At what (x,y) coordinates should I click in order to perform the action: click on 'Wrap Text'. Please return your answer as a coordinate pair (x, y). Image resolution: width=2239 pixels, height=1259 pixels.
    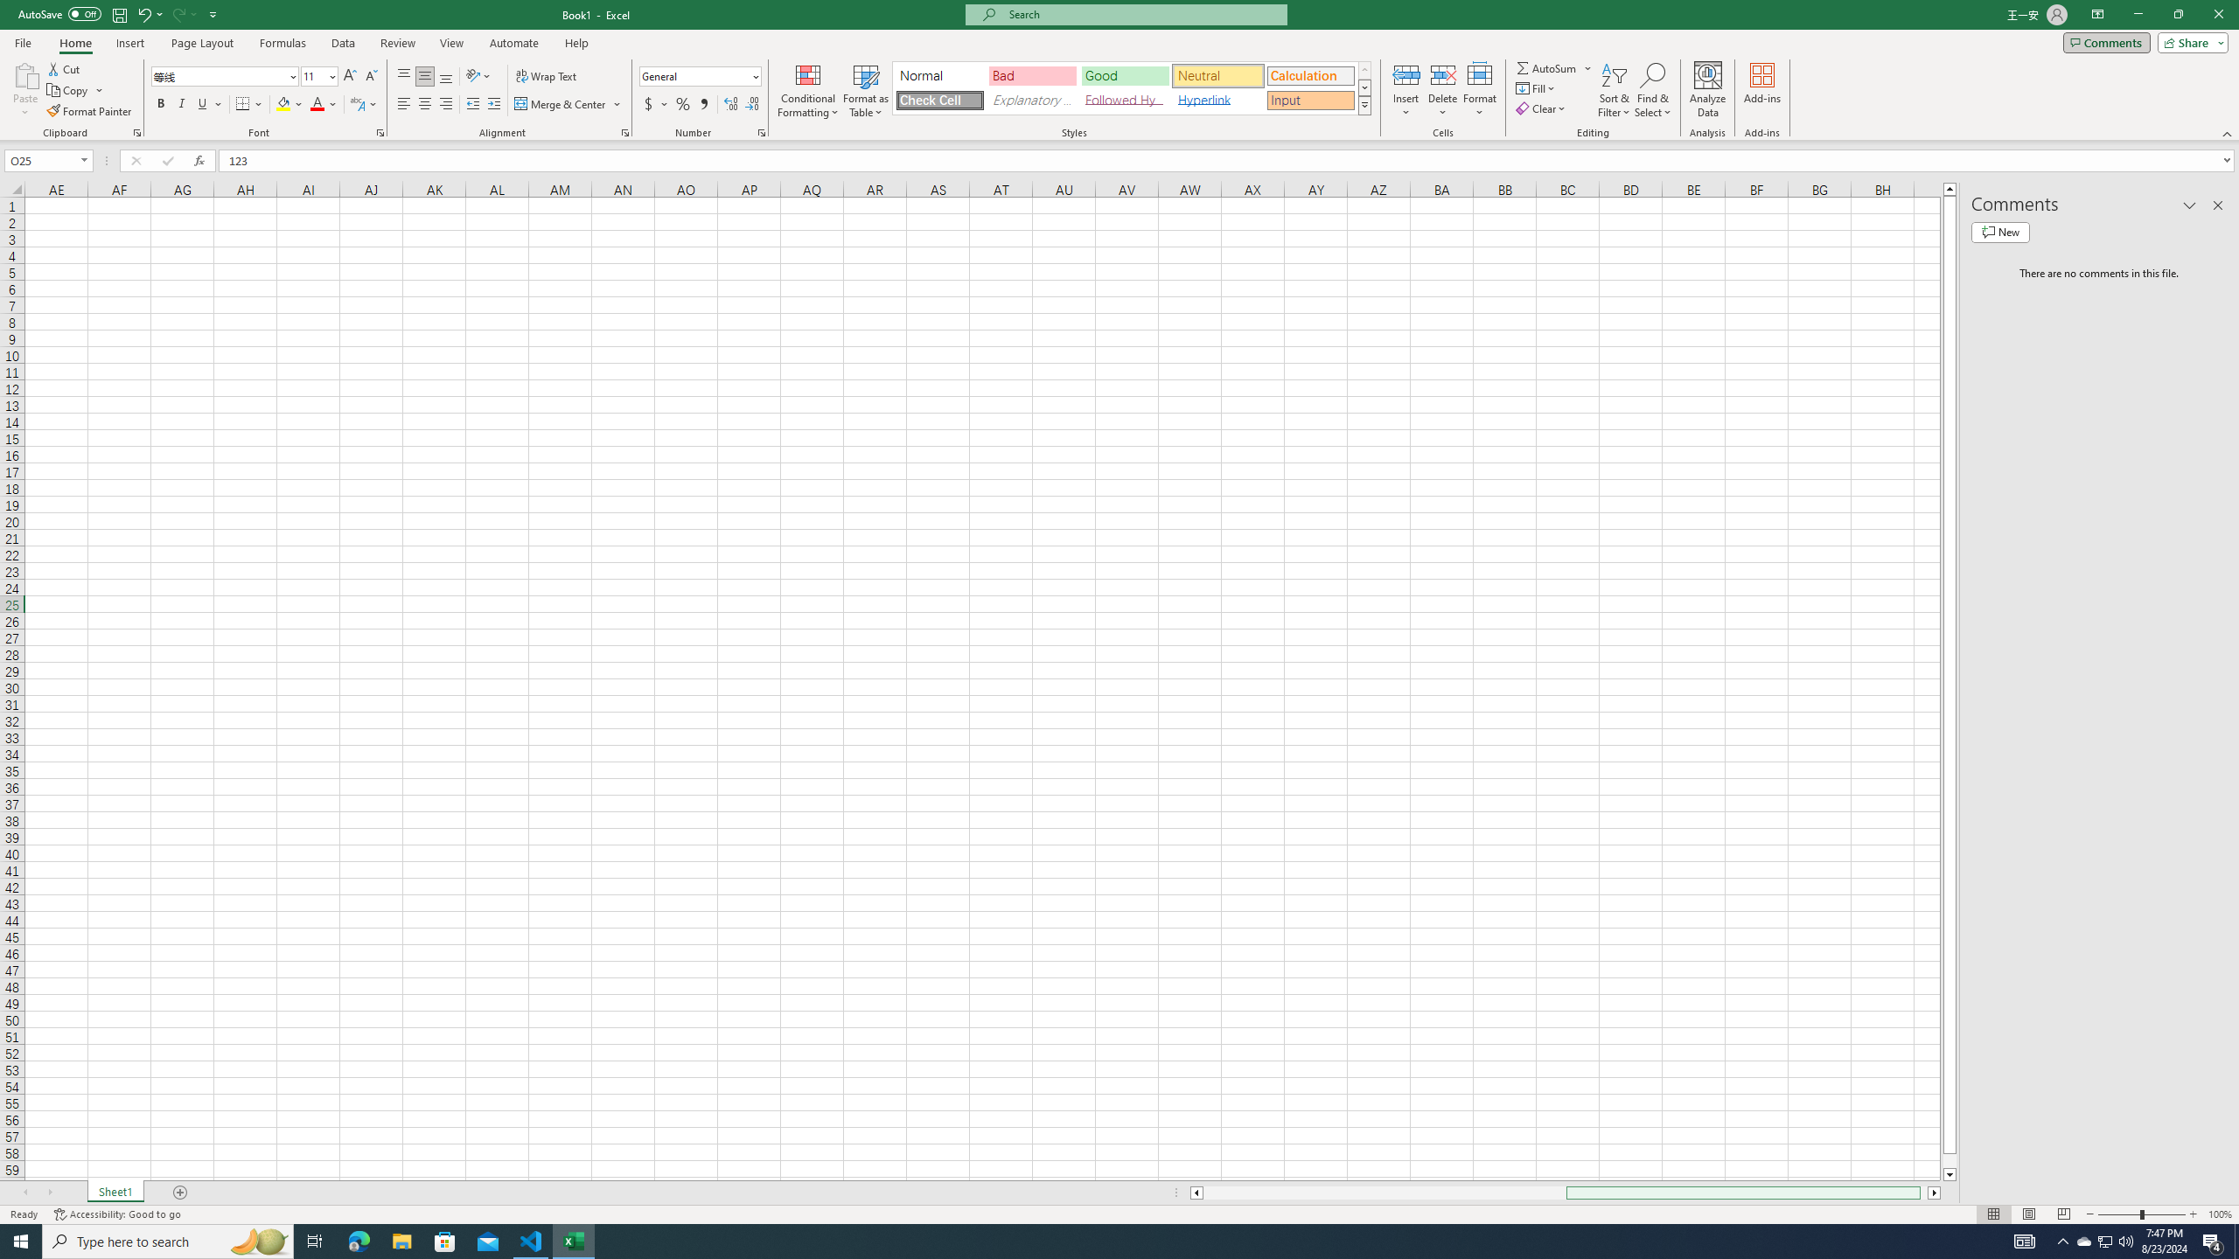
    Looking at the image, I should click on (546, 76).